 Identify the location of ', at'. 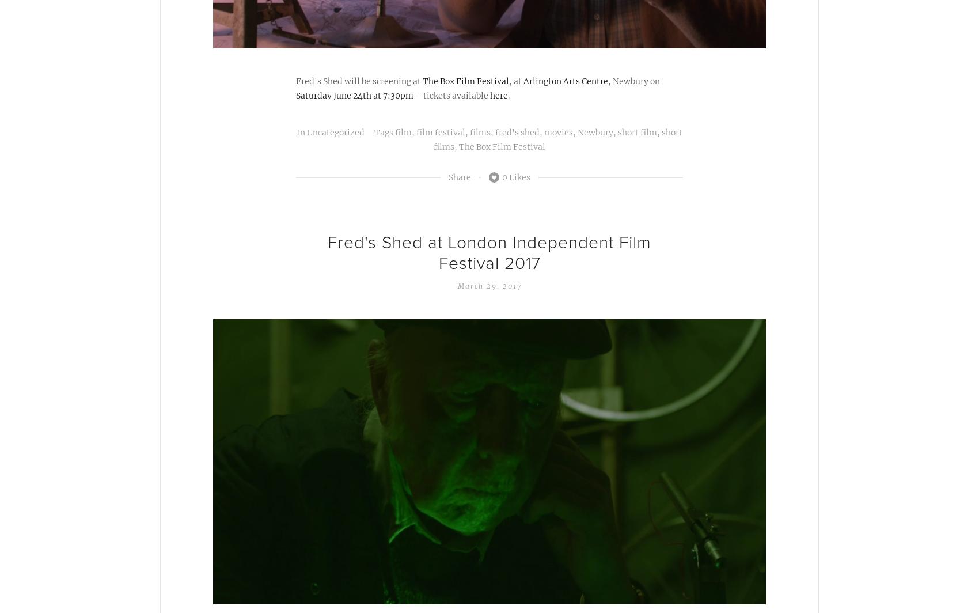
(516, 81).